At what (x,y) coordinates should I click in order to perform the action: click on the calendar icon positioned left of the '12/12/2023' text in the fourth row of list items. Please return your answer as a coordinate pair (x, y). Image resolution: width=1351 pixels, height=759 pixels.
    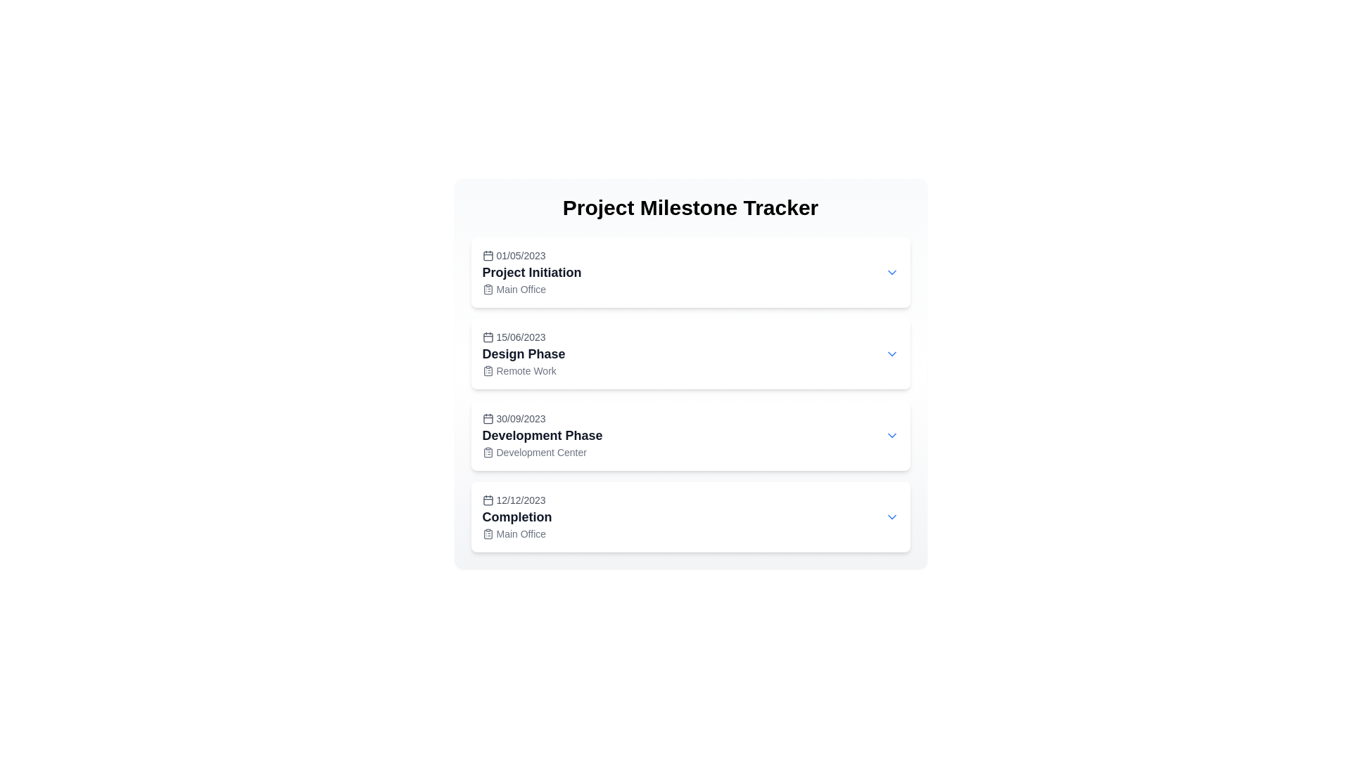
    Looking at the image, I should click on (488, 500).